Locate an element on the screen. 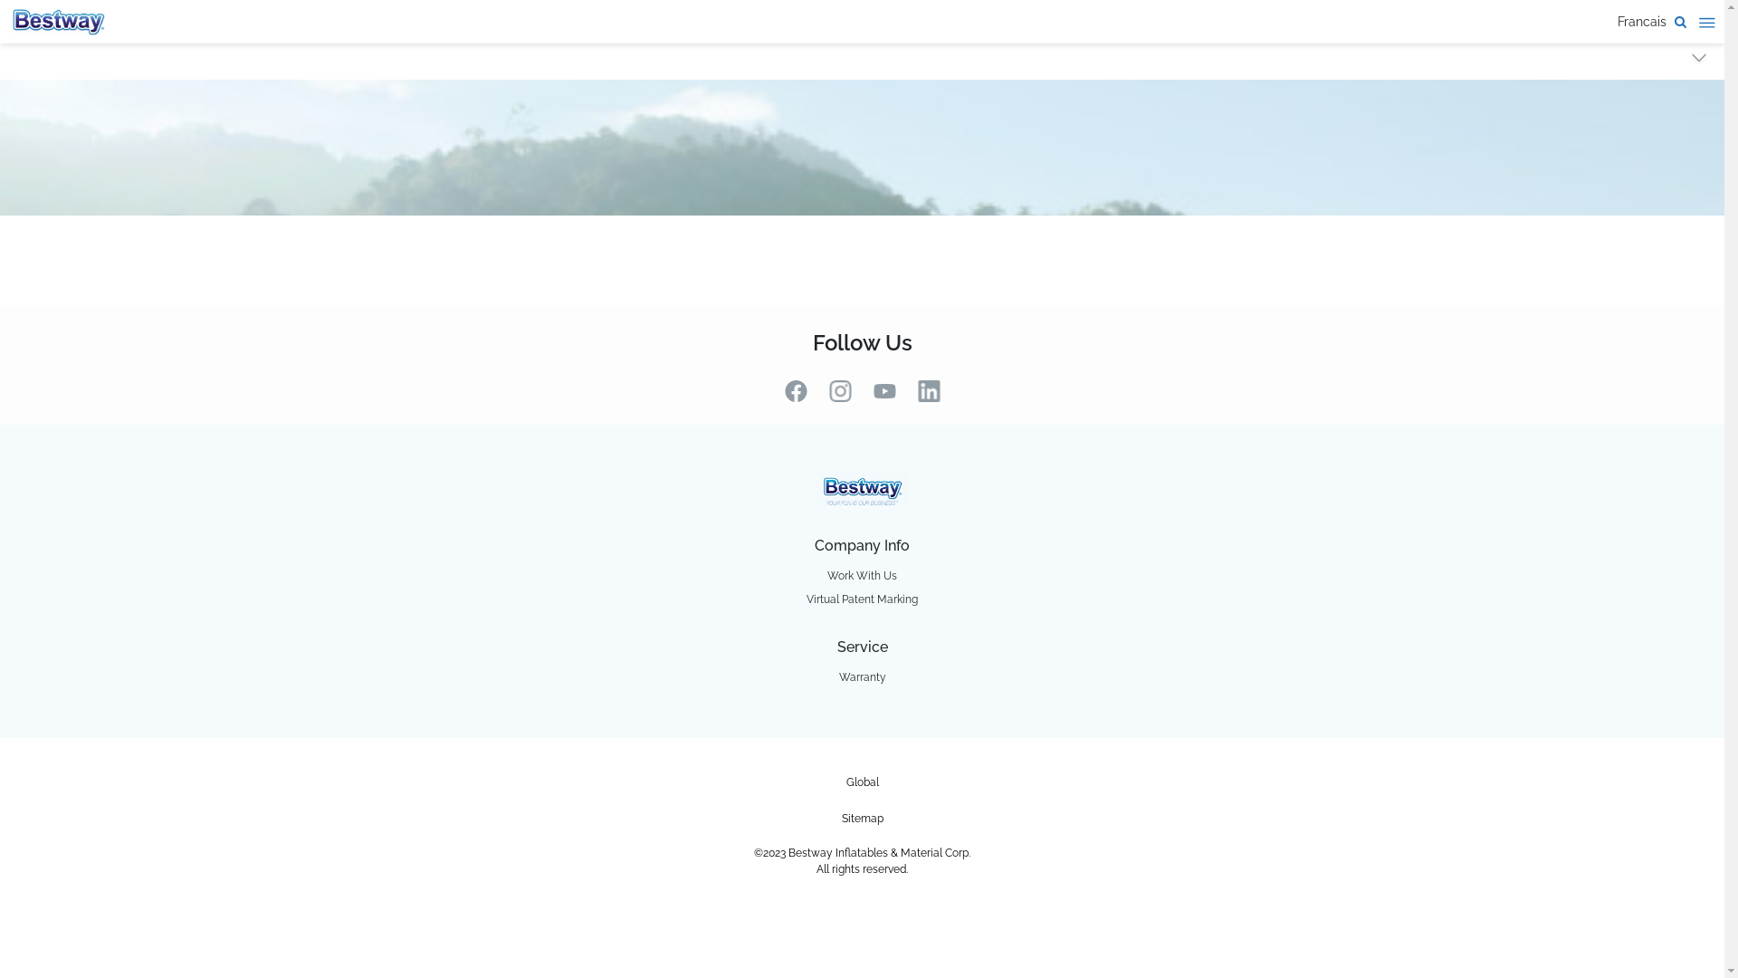 This screenshot has width=1738, height=978. 'Warranty' is located at coordinates (860, 677).